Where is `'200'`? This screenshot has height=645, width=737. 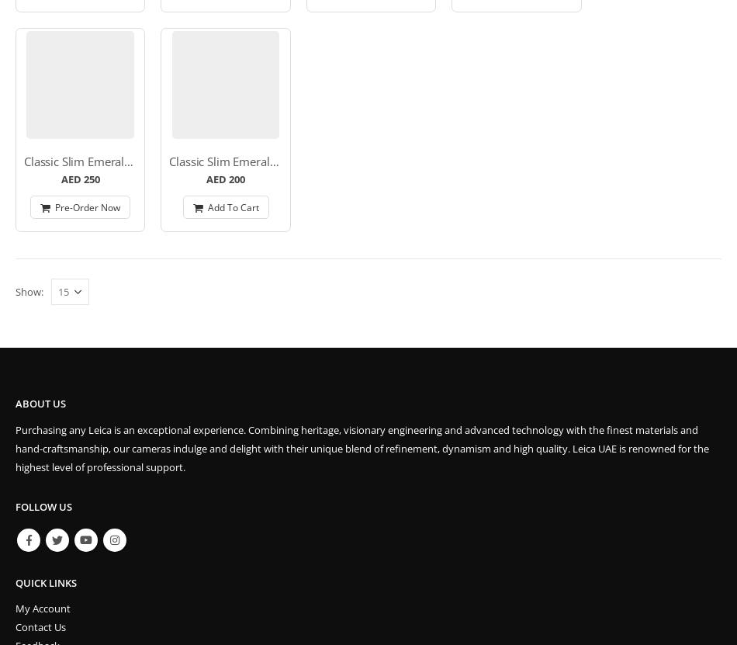 '200' is located at coordinates (227, 179).